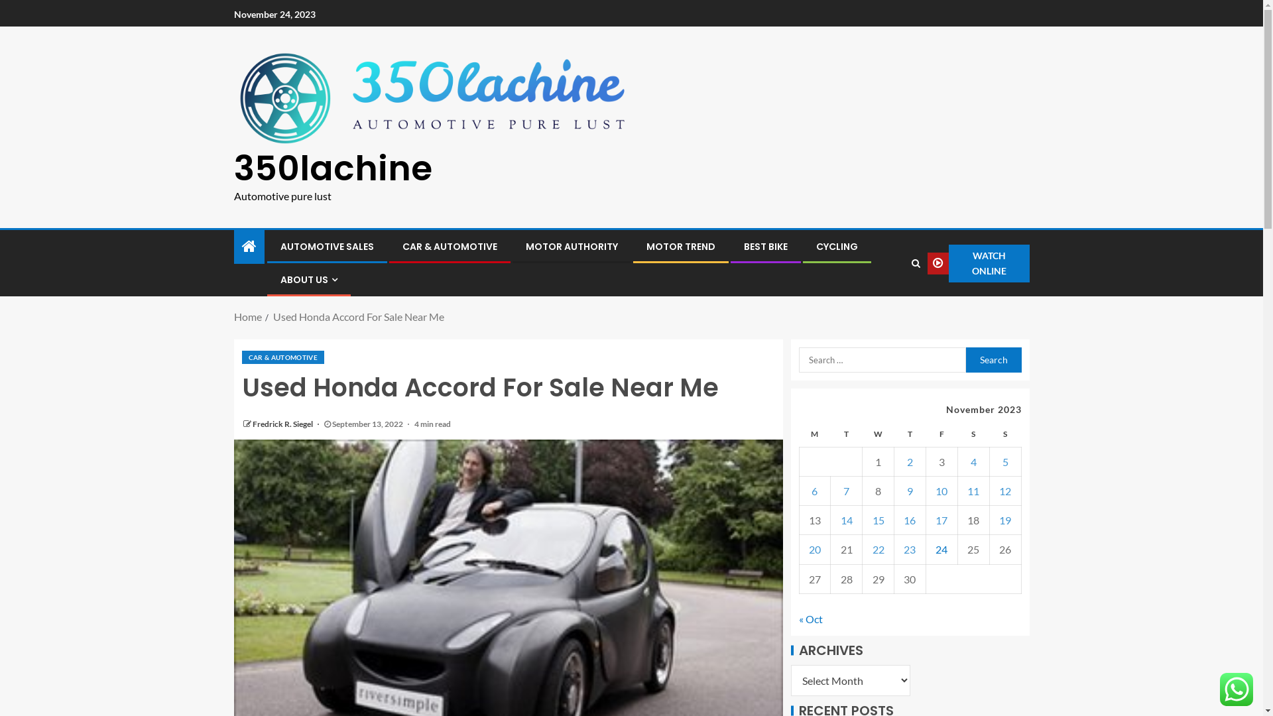  Describe the element at coordinates (814, 549) in the screenshot. I see `'20'` at that location.